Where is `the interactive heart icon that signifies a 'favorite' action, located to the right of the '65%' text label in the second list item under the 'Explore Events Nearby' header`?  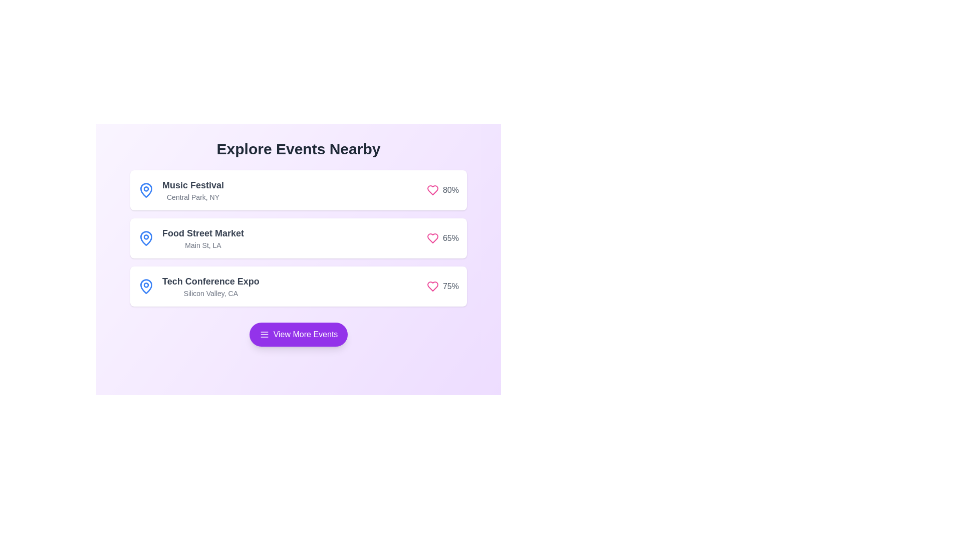
the interactive heart icon that signifies a 'favorite' action, located to the right of the '65%' text label in the second list item under the 'Explore Events Nearby' header is located at coordinates (433, 238).